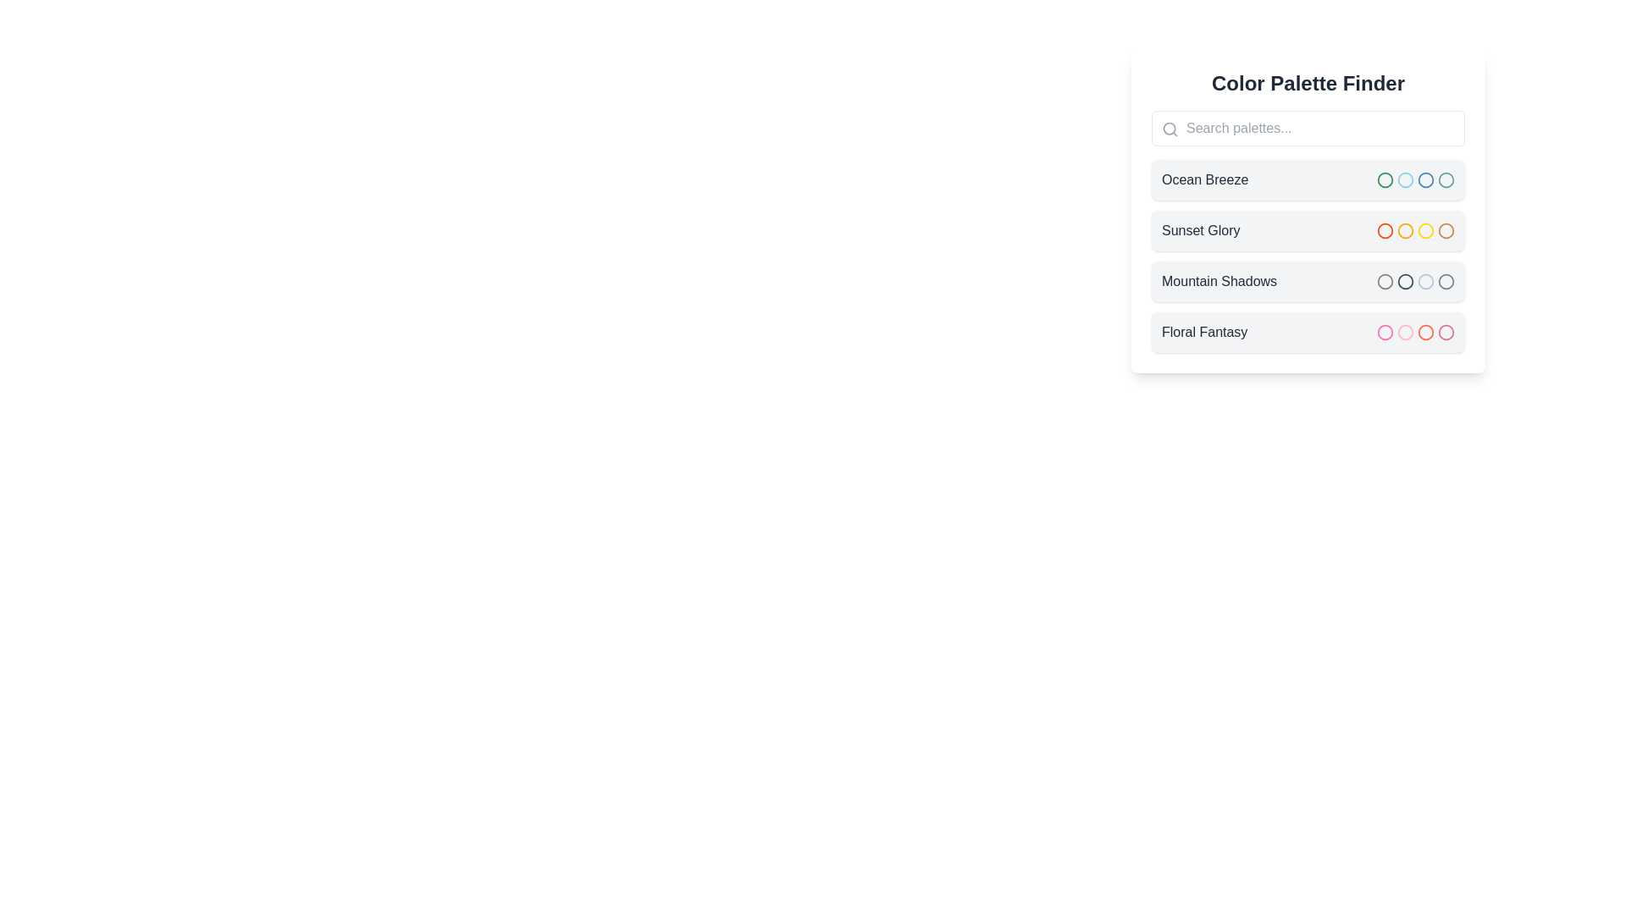 The width and height of the screenshot is (1626, 914). I want to click on the static text label 'Sunset Glory', so click(1200, 231).